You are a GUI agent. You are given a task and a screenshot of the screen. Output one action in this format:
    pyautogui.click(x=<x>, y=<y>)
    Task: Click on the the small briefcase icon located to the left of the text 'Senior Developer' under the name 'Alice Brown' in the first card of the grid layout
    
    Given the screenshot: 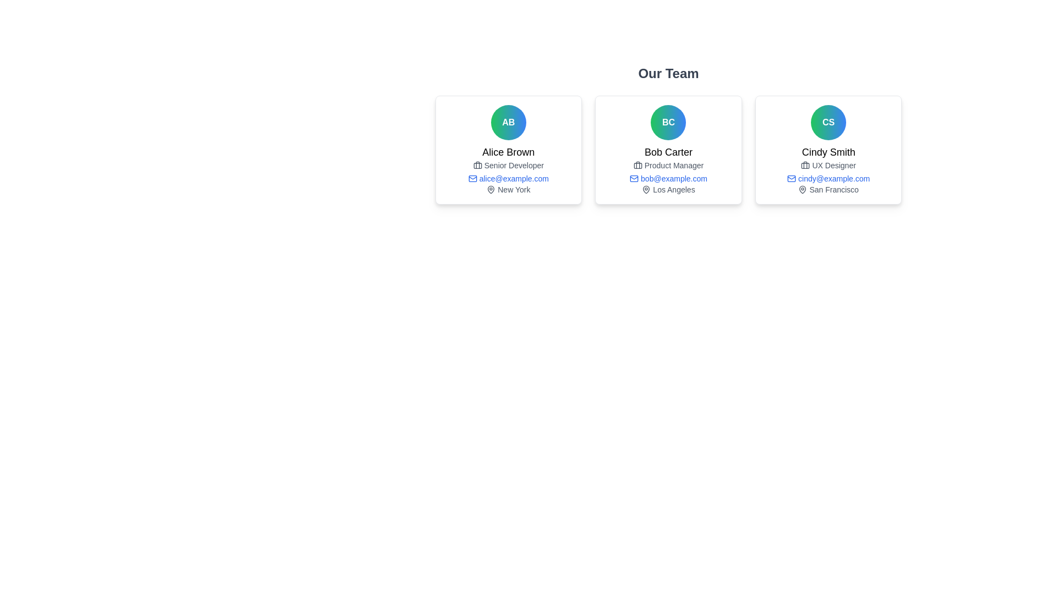 What is the action you would take?
    pyautogui.click(x=477, y=165)
    